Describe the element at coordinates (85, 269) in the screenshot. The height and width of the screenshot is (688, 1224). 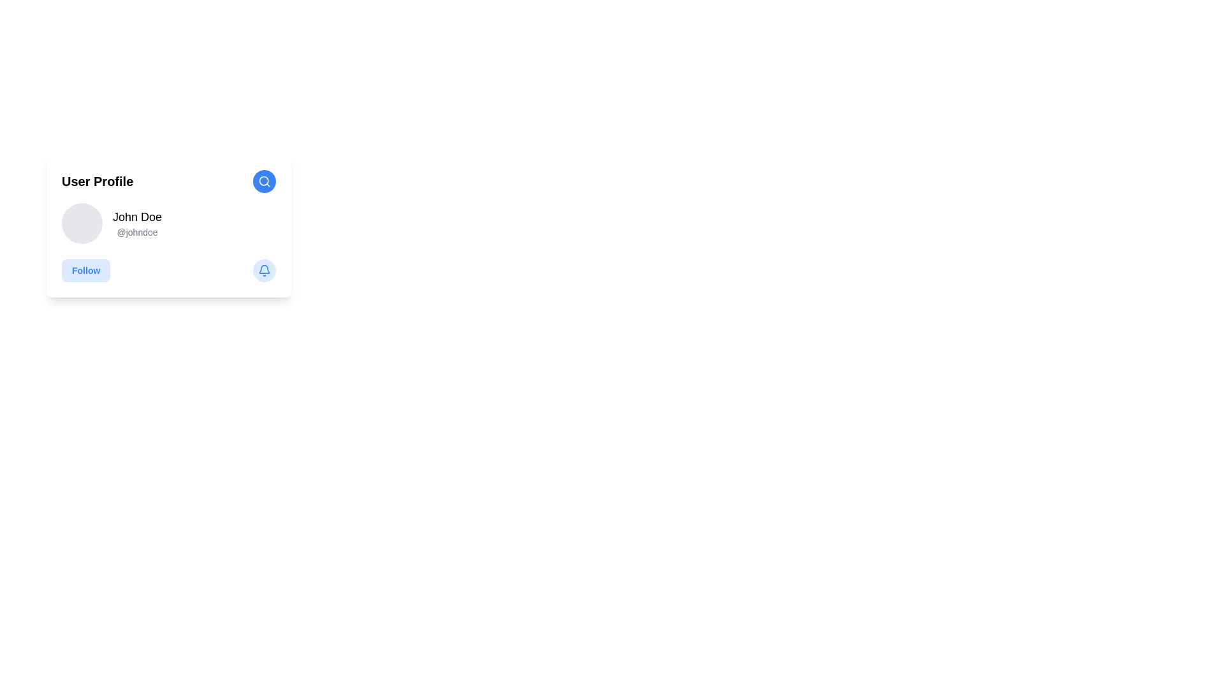
I see `the follow button located at the bottom-left of the user profile section to follow the user` at that location.